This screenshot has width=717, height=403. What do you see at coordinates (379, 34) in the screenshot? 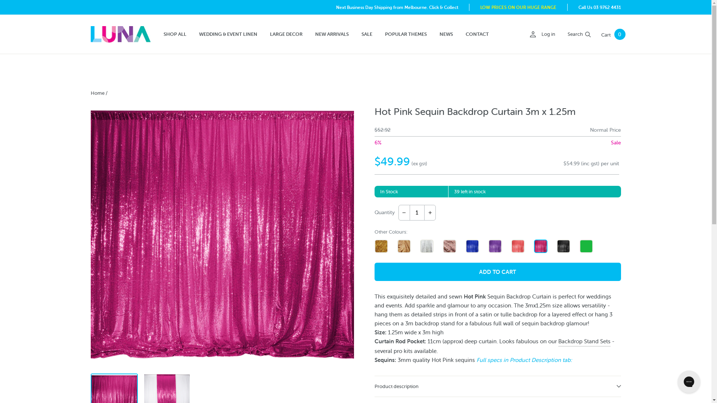
I see `'POPULAR THEMES'` at bounding box center [379, 34].